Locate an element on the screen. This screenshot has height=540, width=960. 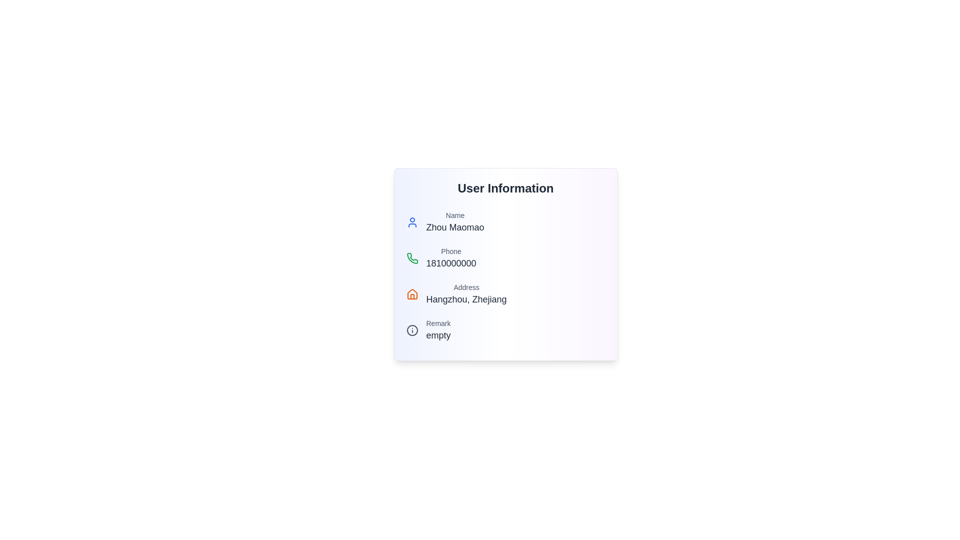
the Text Label that provides additional detail related to the 'Remark' label, located below the 'Remark' text within the user information card is located at coordinates (438, 335).